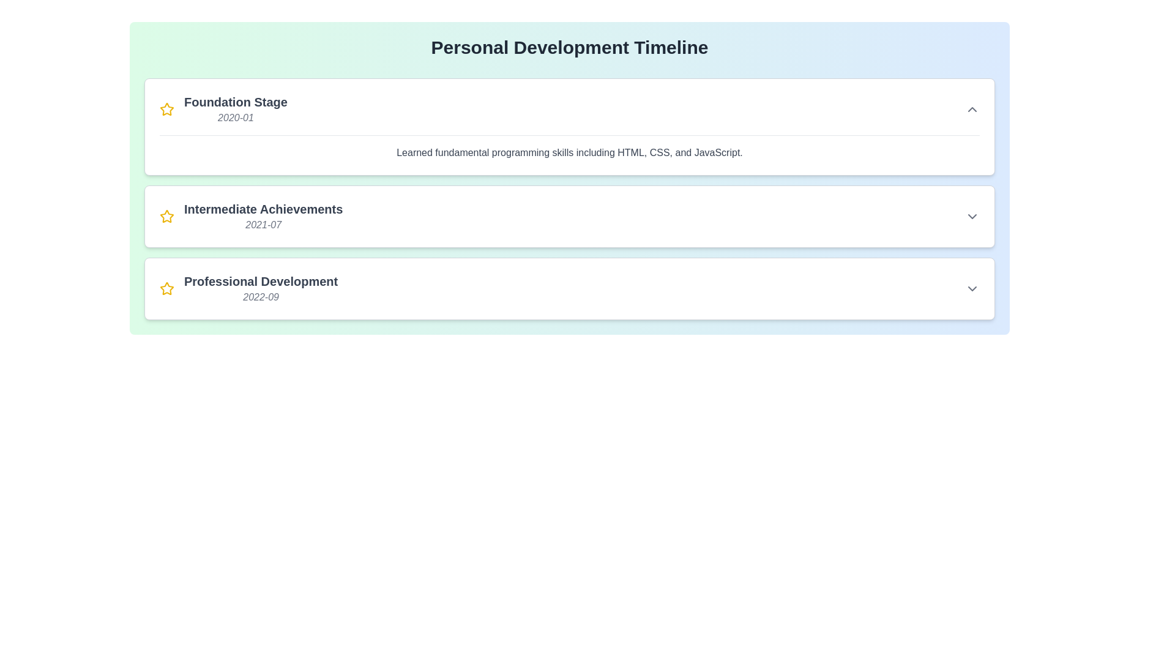 This screenshot has width=1175, height=661. Describe the element at coordinates (971, 108) in the screenshot. I see `the upward-pointing chevron icon toggle button in gray located at the top-right corner of the 'Foundation Stage 2020-01' section header` at that location.